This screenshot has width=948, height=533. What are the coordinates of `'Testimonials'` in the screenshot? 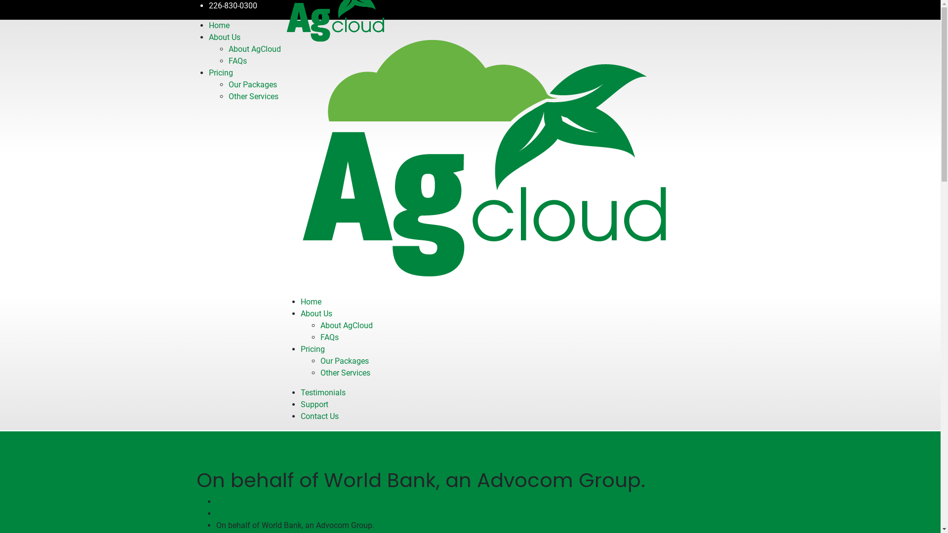 It's located at (322, 392).